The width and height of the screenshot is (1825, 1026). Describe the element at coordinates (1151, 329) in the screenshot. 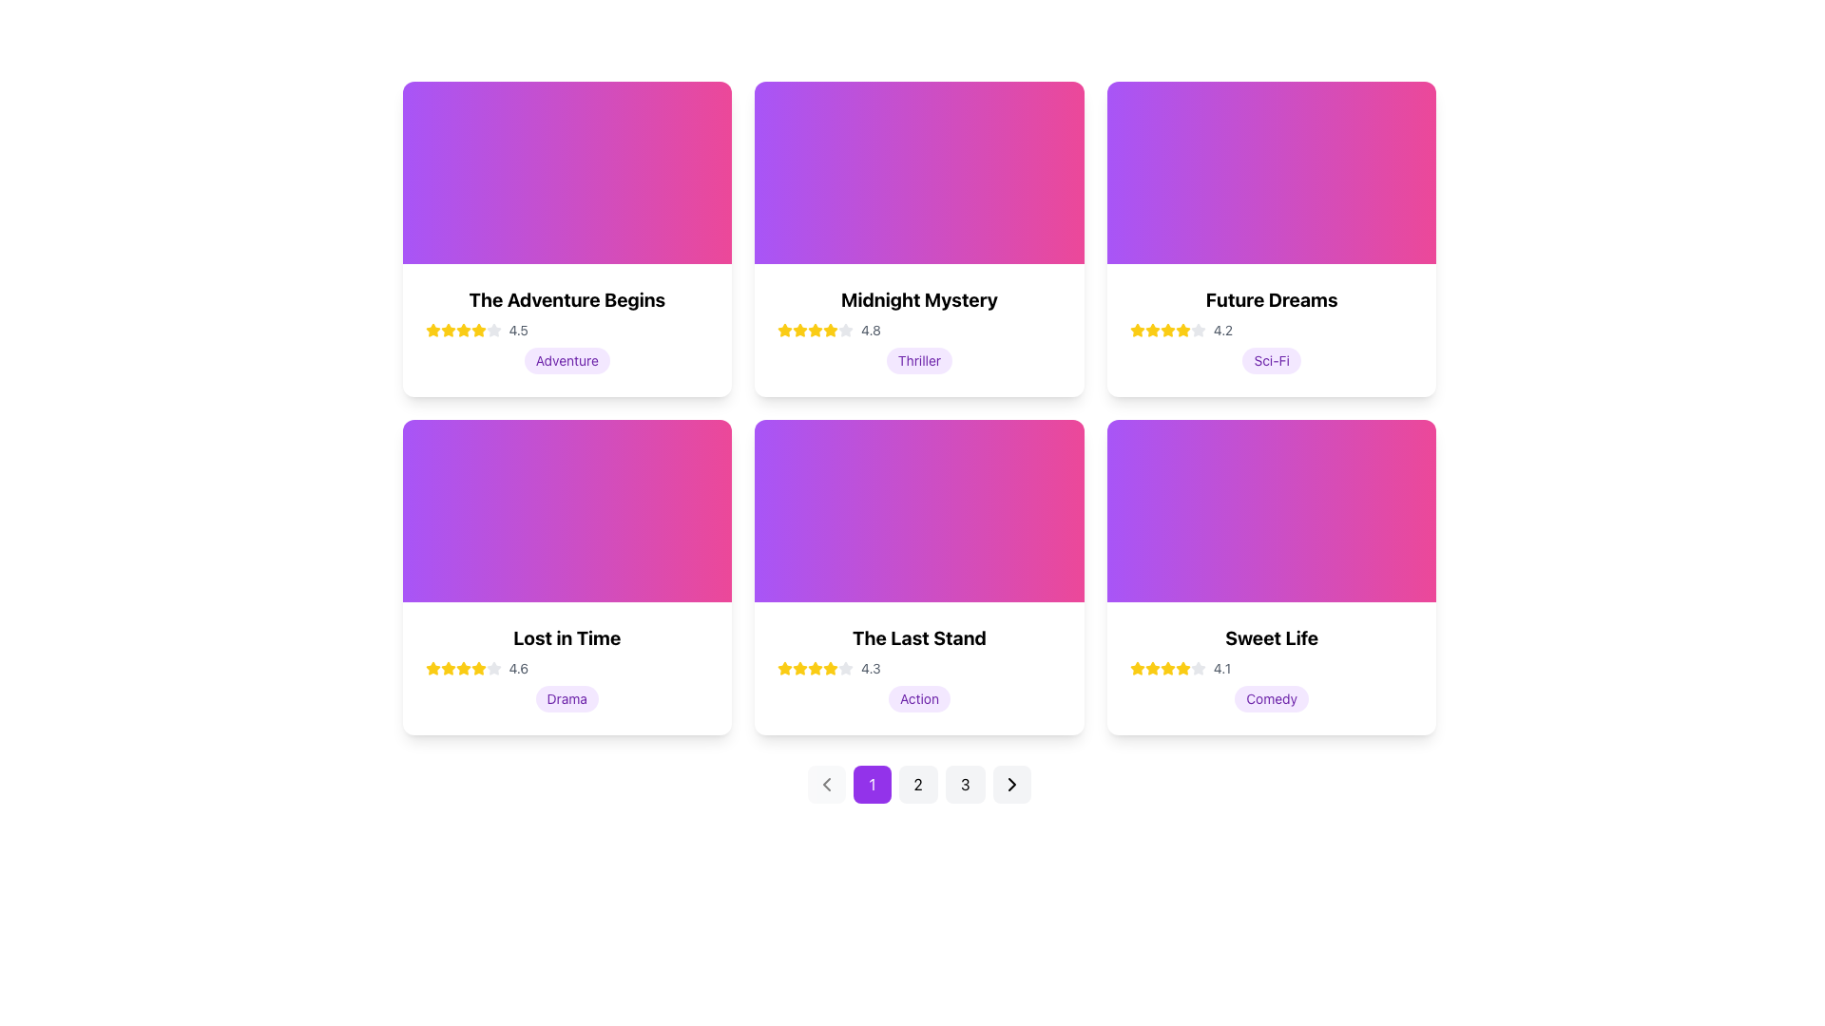

I see `the third star icon in the rating system located inside the 'Future Dreams' card, which is visually represented as a yellow star against a white background` at that location.